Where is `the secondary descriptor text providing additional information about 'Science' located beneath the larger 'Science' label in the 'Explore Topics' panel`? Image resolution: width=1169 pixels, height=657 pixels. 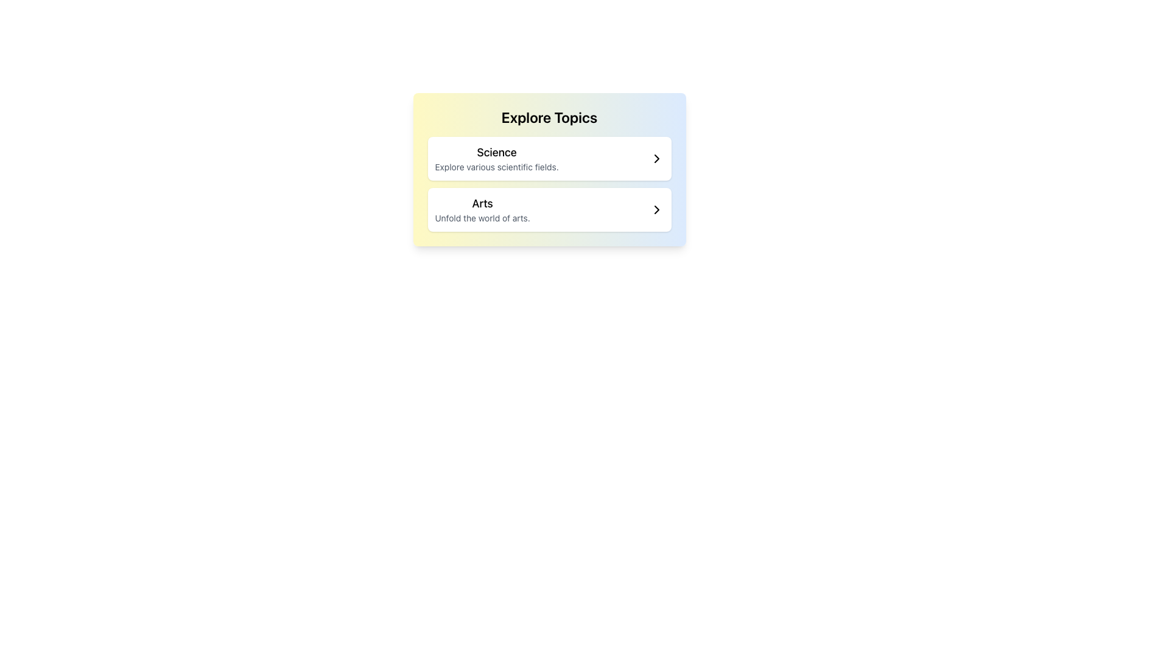 the secondary descriptor text providing additional information about 'Science' located beneath the larger 'Science' label in the 'Explore Topics' panel is located at coordinates (497, 167).